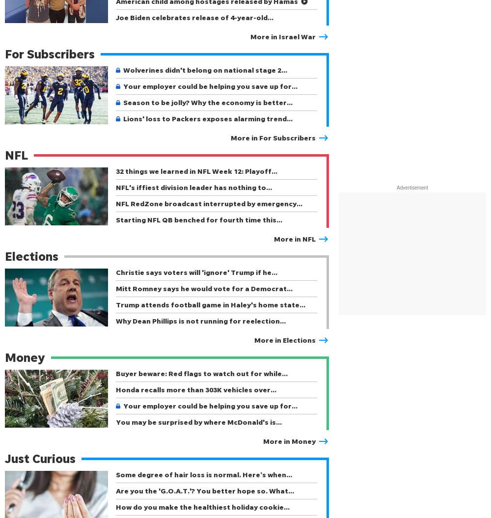  I want to click on 'More in Israel War', so click(250, 36).